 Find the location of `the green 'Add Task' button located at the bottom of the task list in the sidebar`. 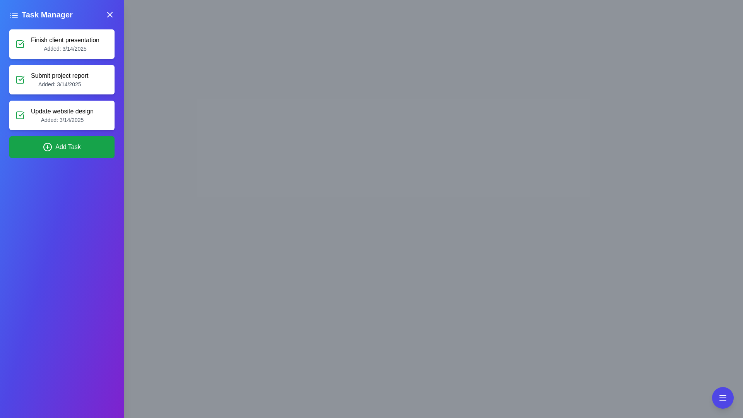

the green 'Add Task' button located at the bottom of the task list in the sidebar is located at coordinates (61, 147).